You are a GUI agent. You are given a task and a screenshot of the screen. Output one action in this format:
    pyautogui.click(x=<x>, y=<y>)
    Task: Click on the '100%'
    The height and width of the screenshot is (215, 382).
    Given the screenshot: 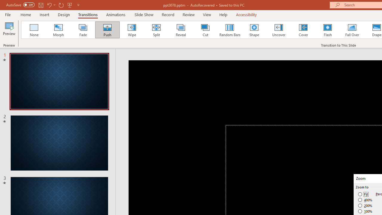 What is the action you would take?
    pyautogui.click(x=365, y=211)
    